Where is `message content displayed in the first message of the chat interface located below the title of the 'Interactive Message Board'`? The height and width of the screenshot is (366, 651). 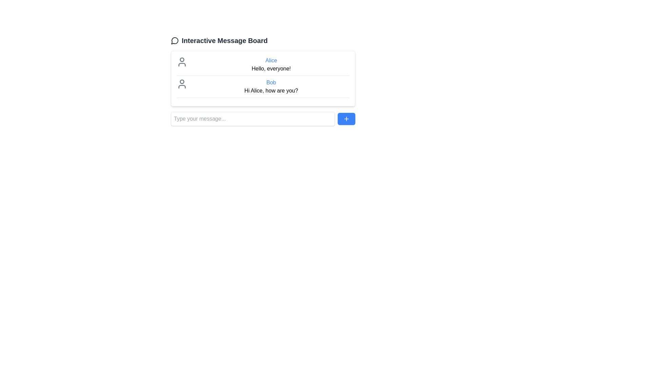
message content displayed in the first message of the chat interface located below the title of the 'Interactive Message Board' is located at coordinates (271, 65).